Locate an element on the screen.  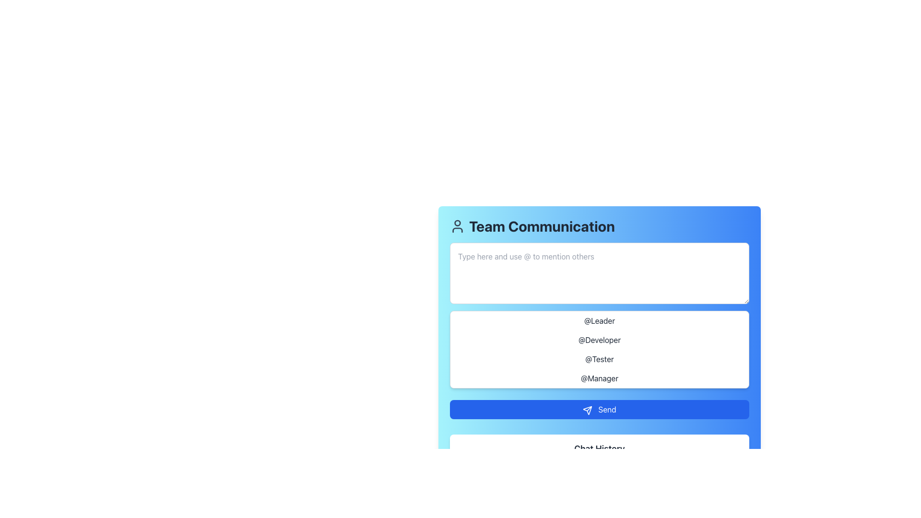
the list item displaying '@Leader' in black text on a white background is located at coordinates (599, 320).